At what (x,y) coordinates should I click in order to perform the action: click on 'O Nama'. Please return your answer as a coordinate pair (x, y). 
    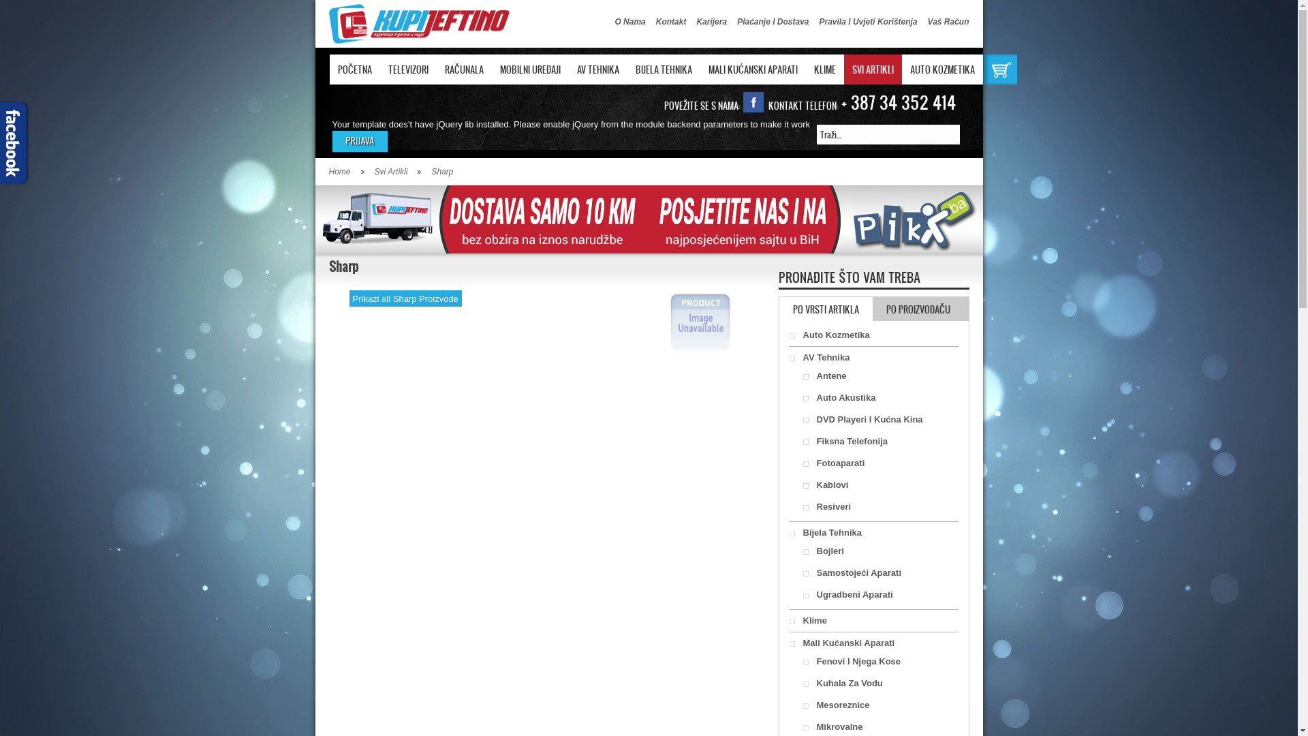
    Looking at the image, I should click on (629, 21).